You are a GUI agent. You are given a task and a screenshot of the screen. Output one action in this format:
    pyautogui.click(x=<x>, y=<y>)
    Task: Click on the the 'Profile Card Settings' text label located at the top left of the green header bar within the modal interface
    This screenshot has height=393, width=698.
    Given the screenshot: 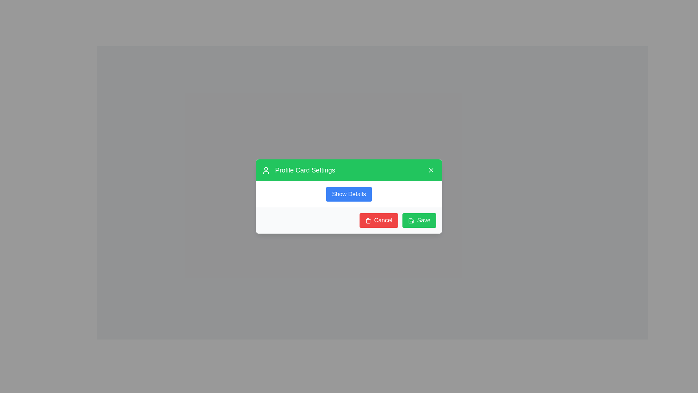 What is the action you would take?
    pyautogui.click(x=298, y=170)
    